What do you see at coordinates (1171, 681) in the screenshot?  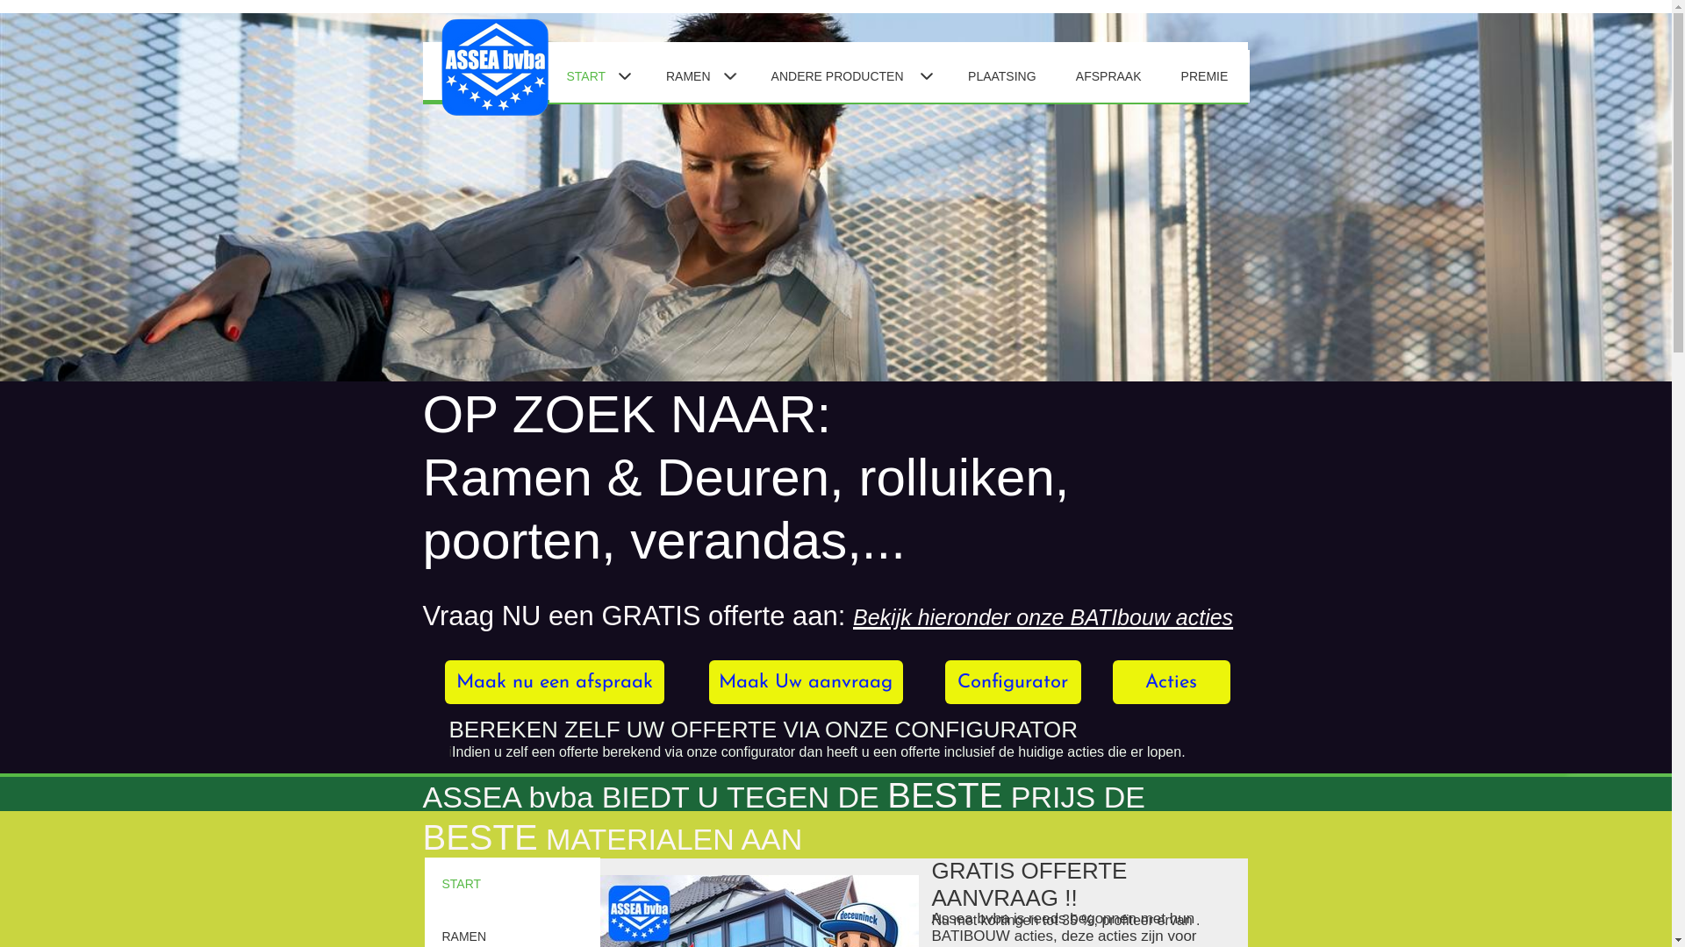 I see `'Acties'` at bounding box center [1171, 681].